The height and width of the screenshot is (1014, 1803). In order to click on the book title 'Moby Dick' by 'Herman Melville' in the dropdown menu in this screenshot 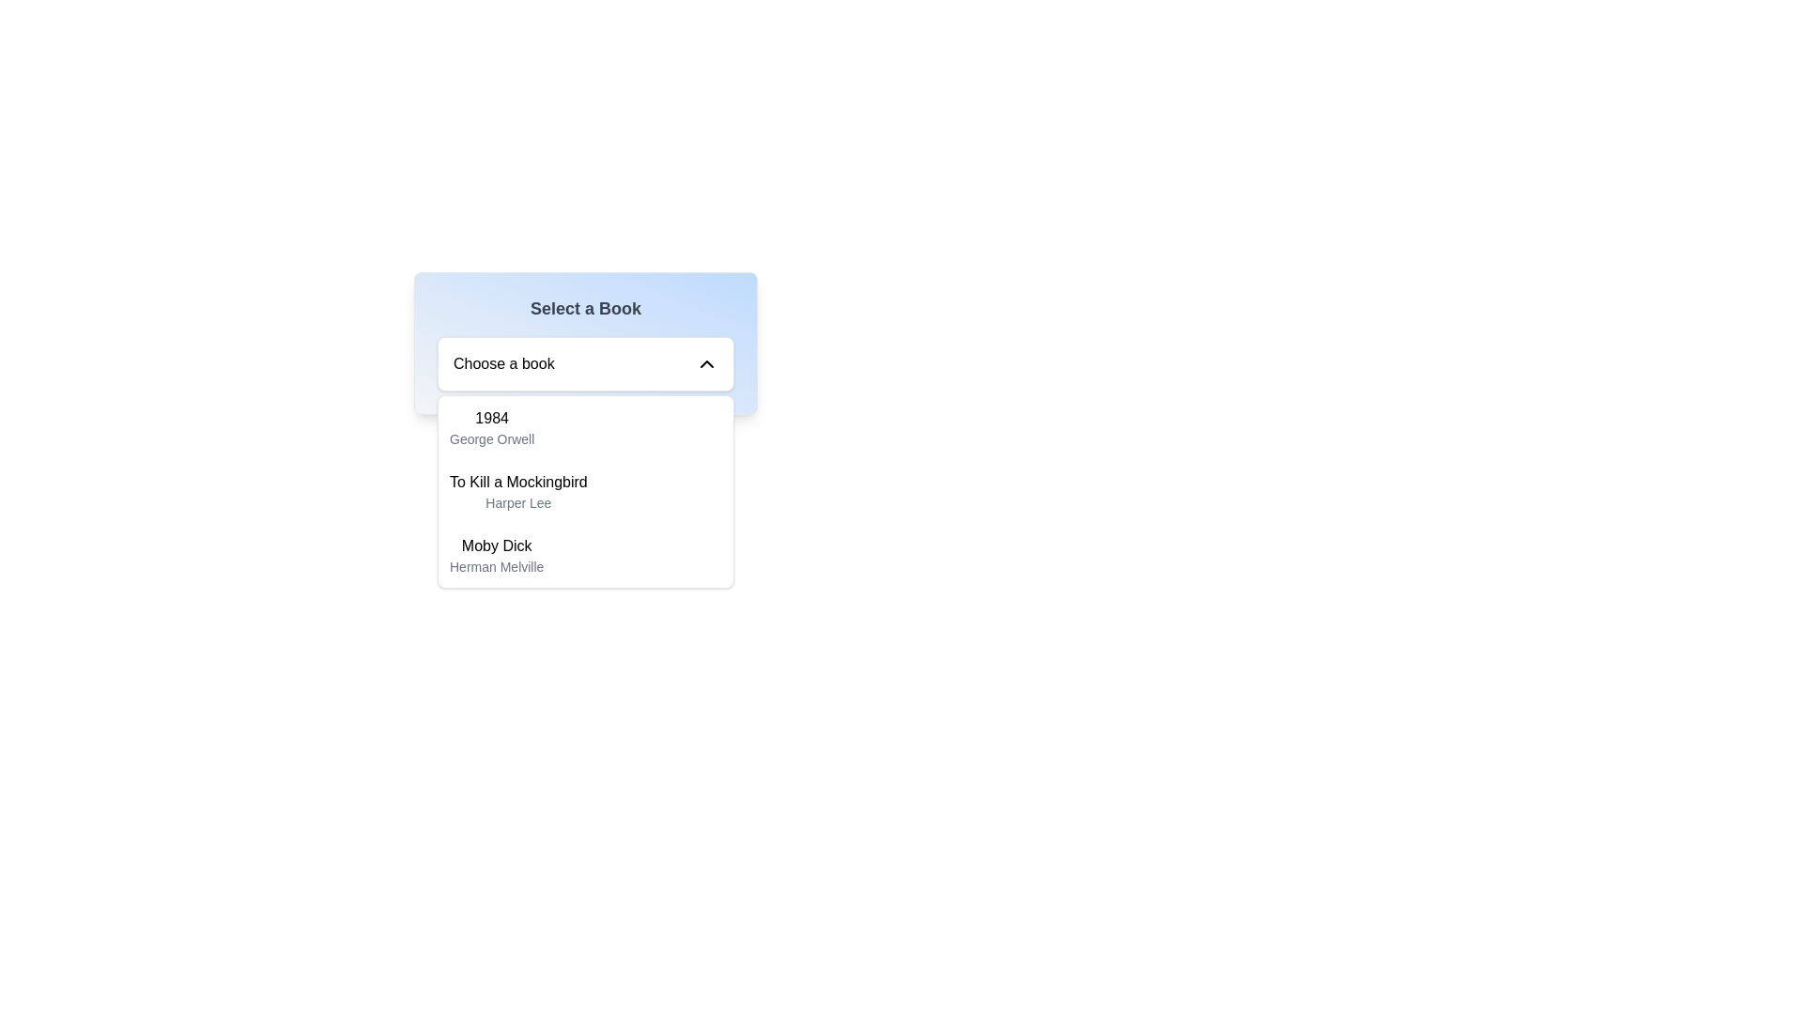, I will do `click(496, 554)`.